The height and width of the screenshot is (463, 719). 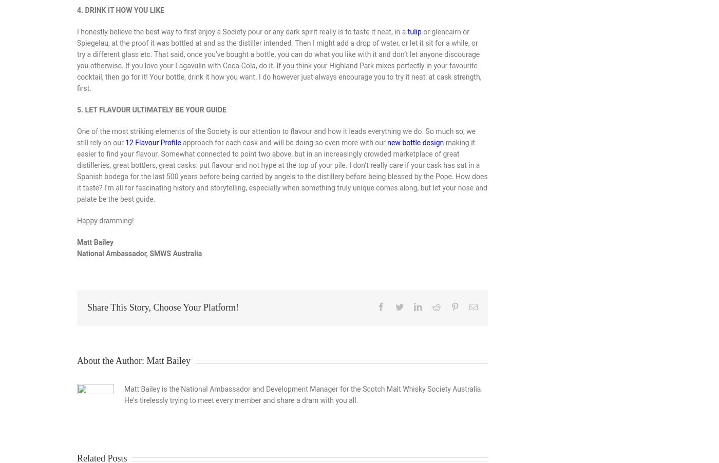 I want to click on 'approach for each cask and will be doing so even more with our', so click(x=180, y=142).